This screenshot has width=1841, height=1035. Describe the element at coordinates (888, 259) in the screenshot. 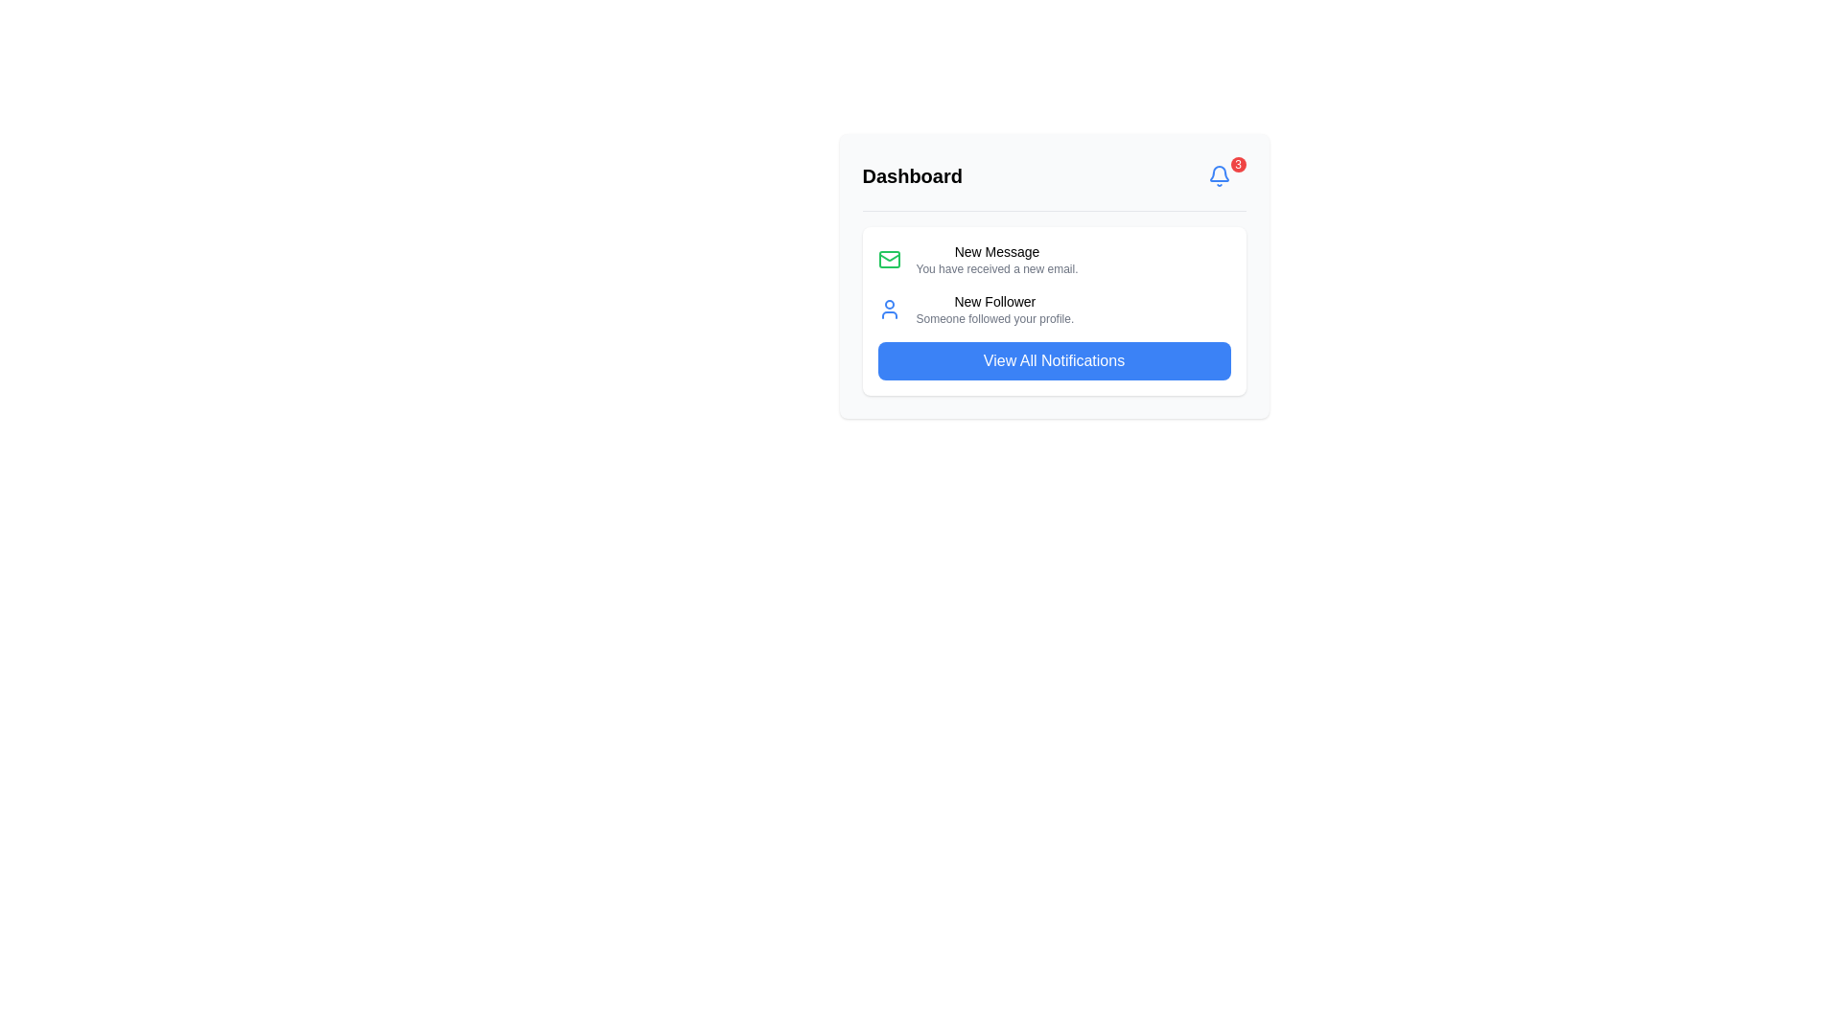

I see `the visual representation of the email notification icon located in the top-left corner of the 'New Message' notification card` at that location.